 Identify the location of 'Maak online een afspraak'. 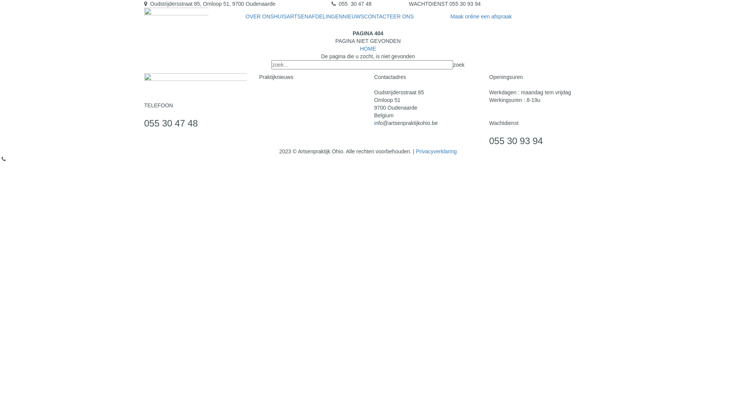
(480, 16).